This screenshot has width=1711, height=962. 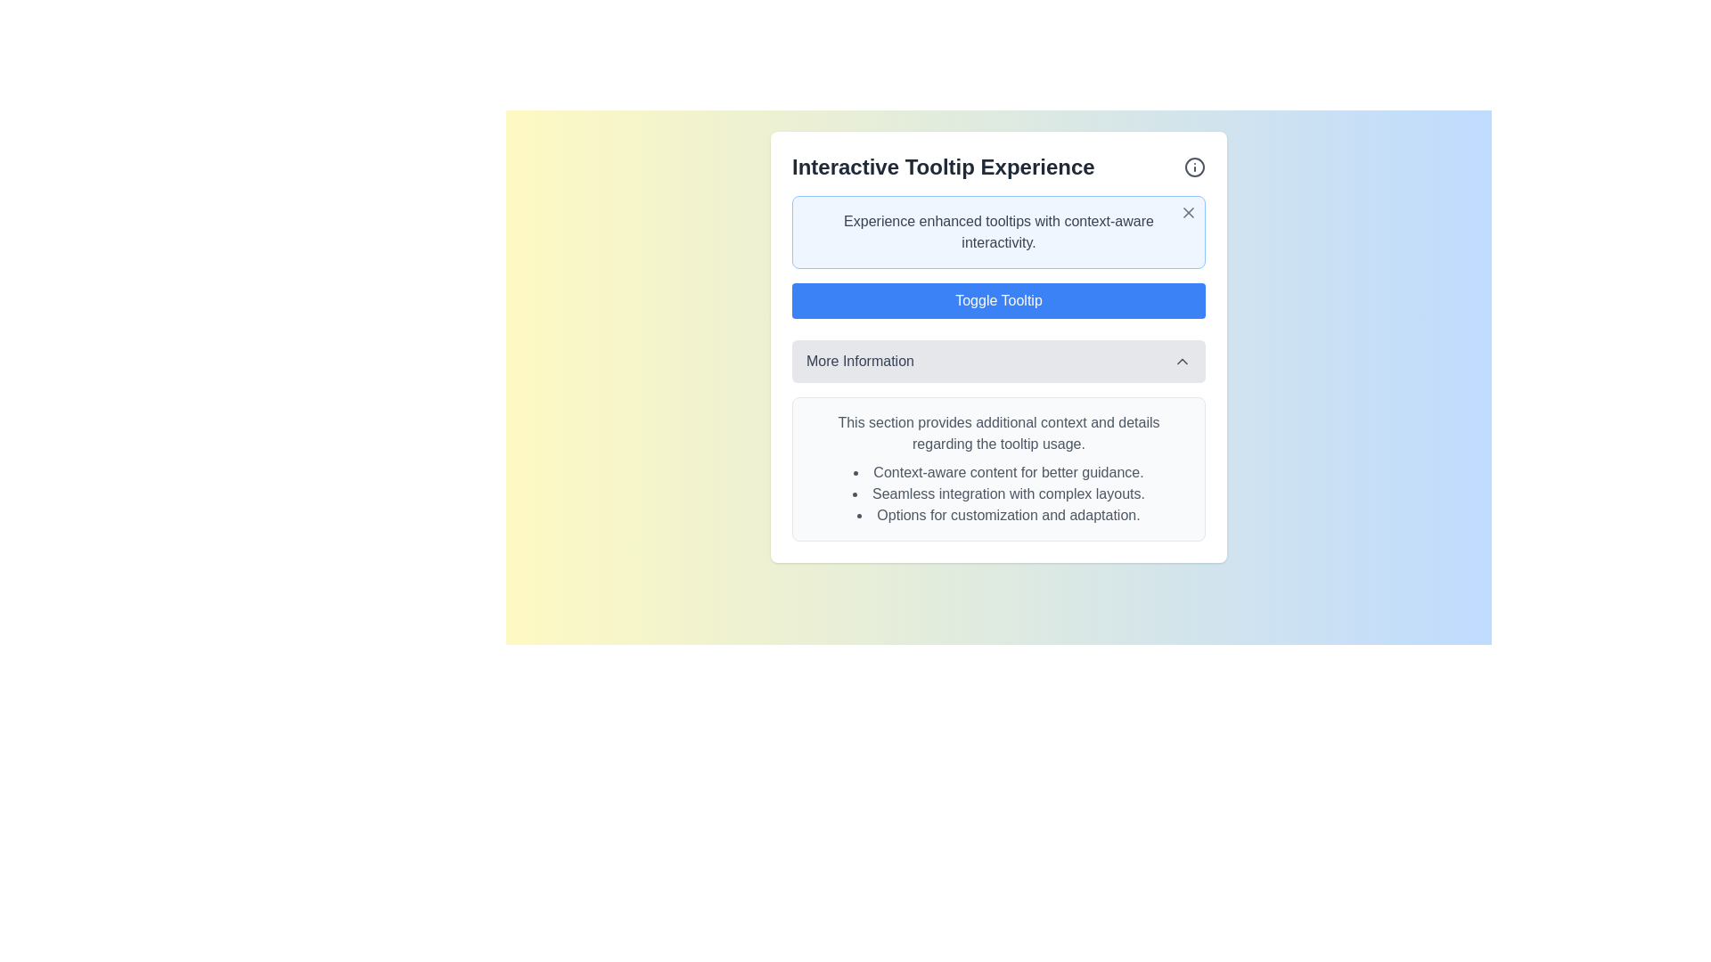 I want to click on the third bullet point item in the 'Interactive Tooltip Experience' panel, which conveys information about customization and adaptation capabilities of tooltip features, so click(x=999, y=515).